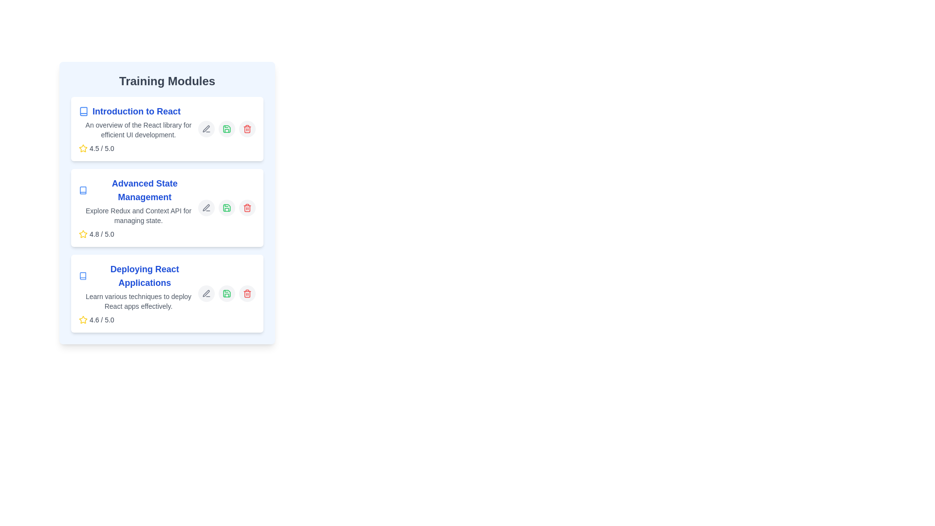 The image size is (935, 526). I want to click on the save action button in the 'Deploying React Applications' module, which is the second button from the left among three action buttons, positioned between the edit (pencil icon) and delete (trash icon) buttons, so click(226, 293).